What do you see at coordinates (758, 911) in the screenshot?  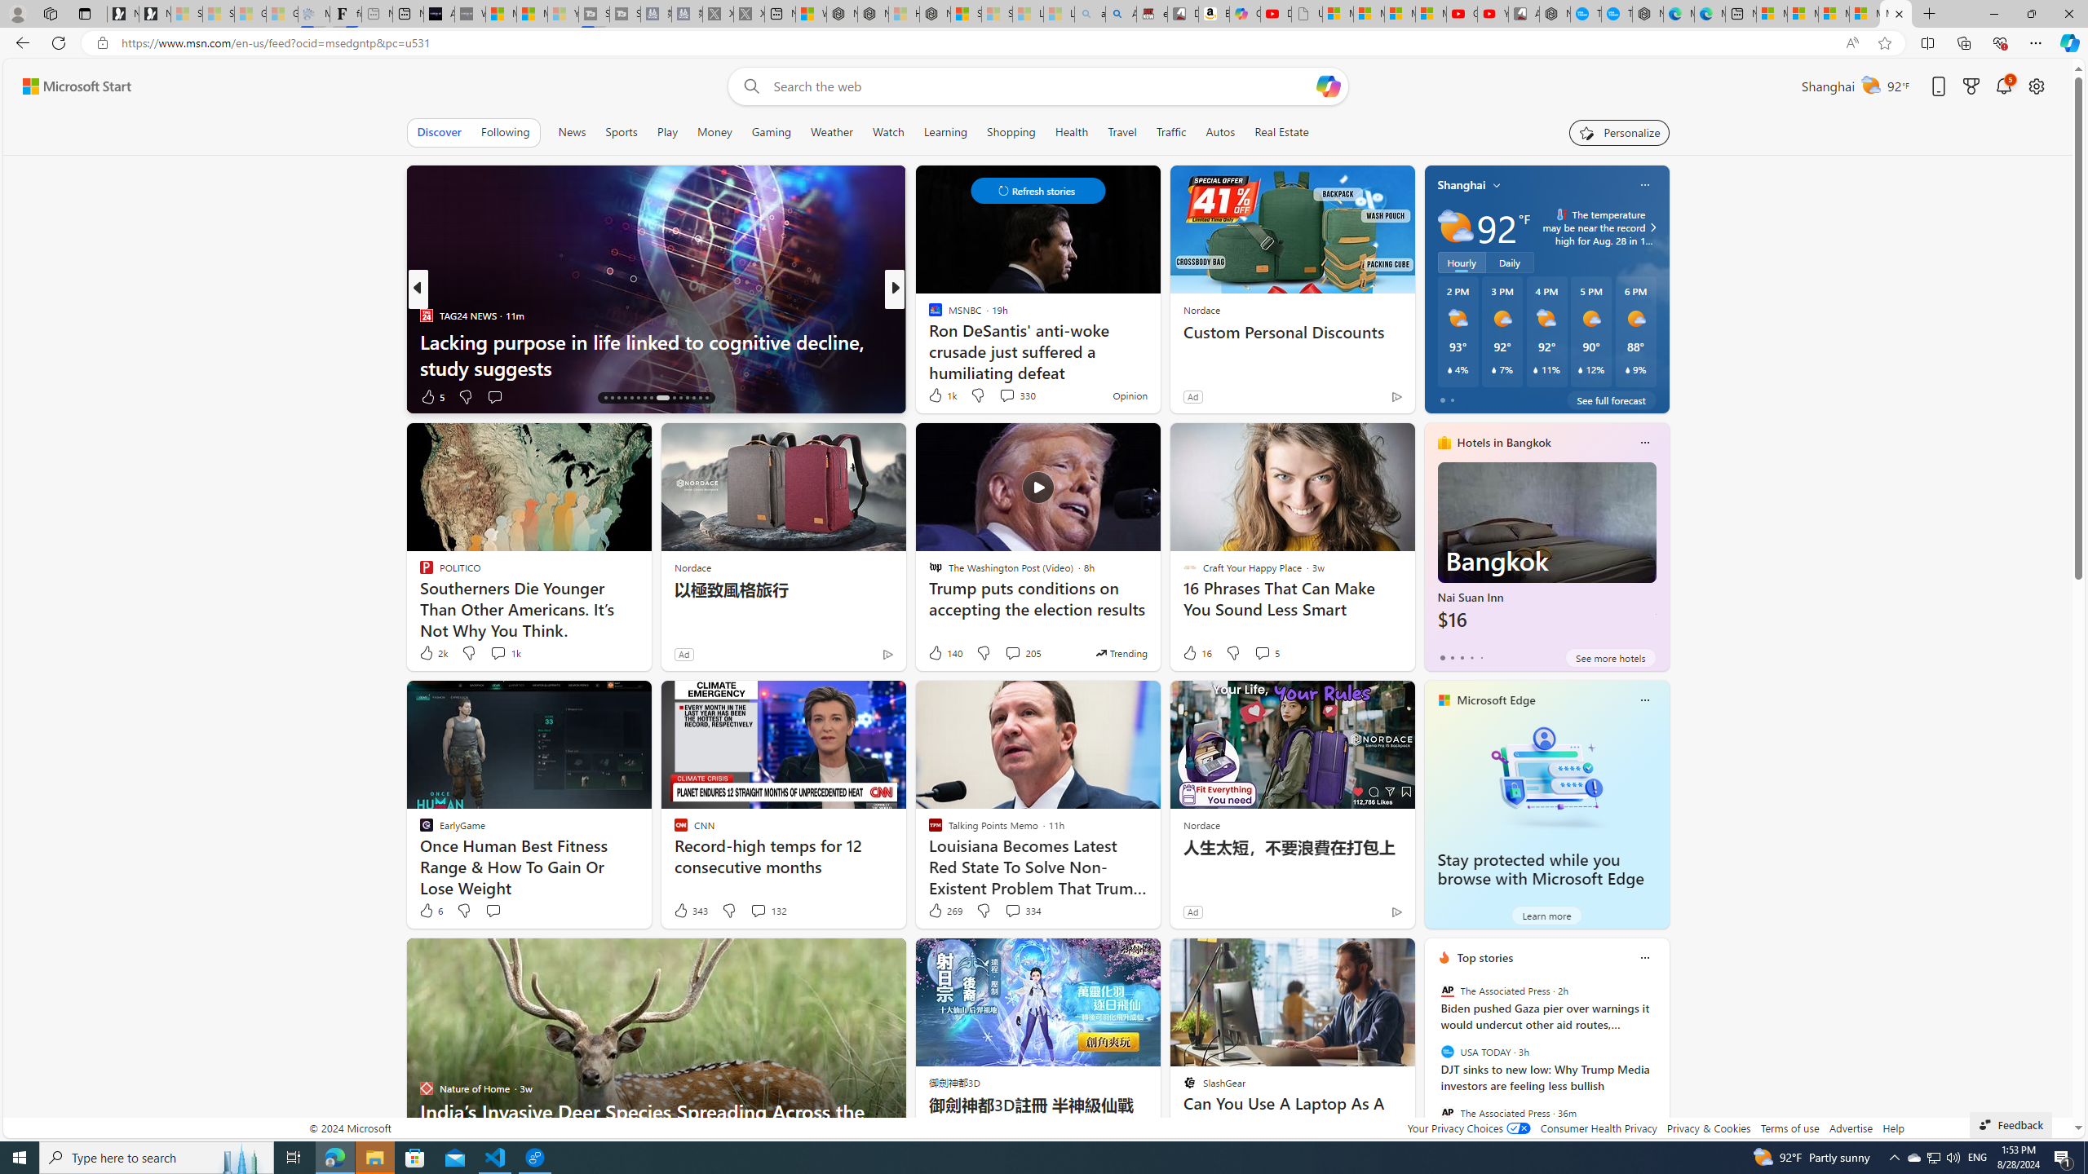 I see `'View comments 132 Comment'` at bounding box center [758, 911].